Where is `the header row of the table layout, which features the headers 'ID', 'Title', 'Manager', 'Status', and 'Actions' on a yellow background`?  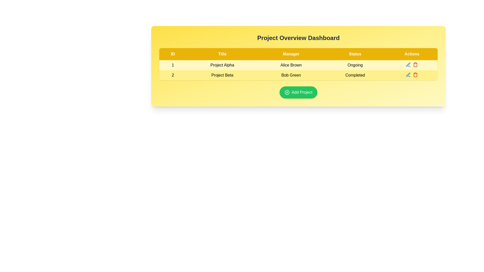 the header row of the table layout, which features the headers 'ID', 'Title', 'Manager', 'Status', and 'Actions' on a yellow background is located at coordinates (298, 54).